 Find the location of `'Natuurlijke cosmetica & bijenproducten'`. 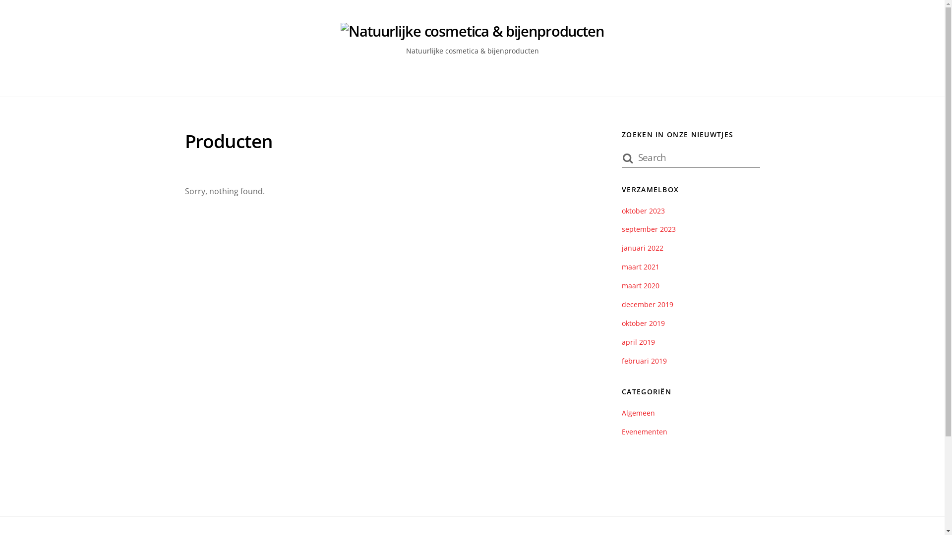

'Natuurlijke cosmetica & bijenproducten' is located at coordinates (471, 30).